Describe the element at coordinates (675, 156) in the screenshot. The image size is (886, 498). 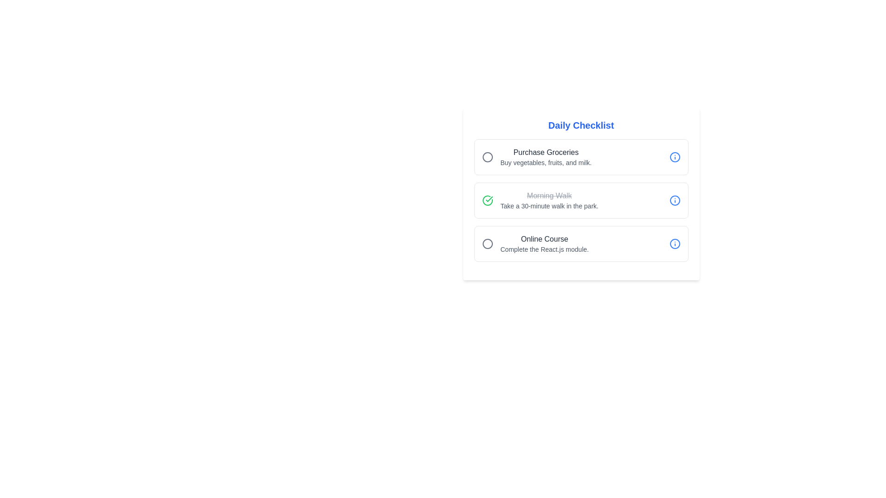
I see `info button for the task titled 'Purchase Groceries'` at that location.